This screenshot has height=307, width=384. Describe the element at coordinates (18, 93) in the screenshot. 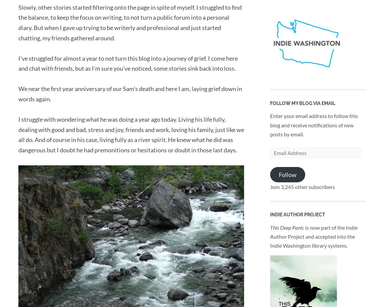

I see `'We near the first year anniversary of our Sam’s death and here I am, laying grief down in words again.'` at that location.